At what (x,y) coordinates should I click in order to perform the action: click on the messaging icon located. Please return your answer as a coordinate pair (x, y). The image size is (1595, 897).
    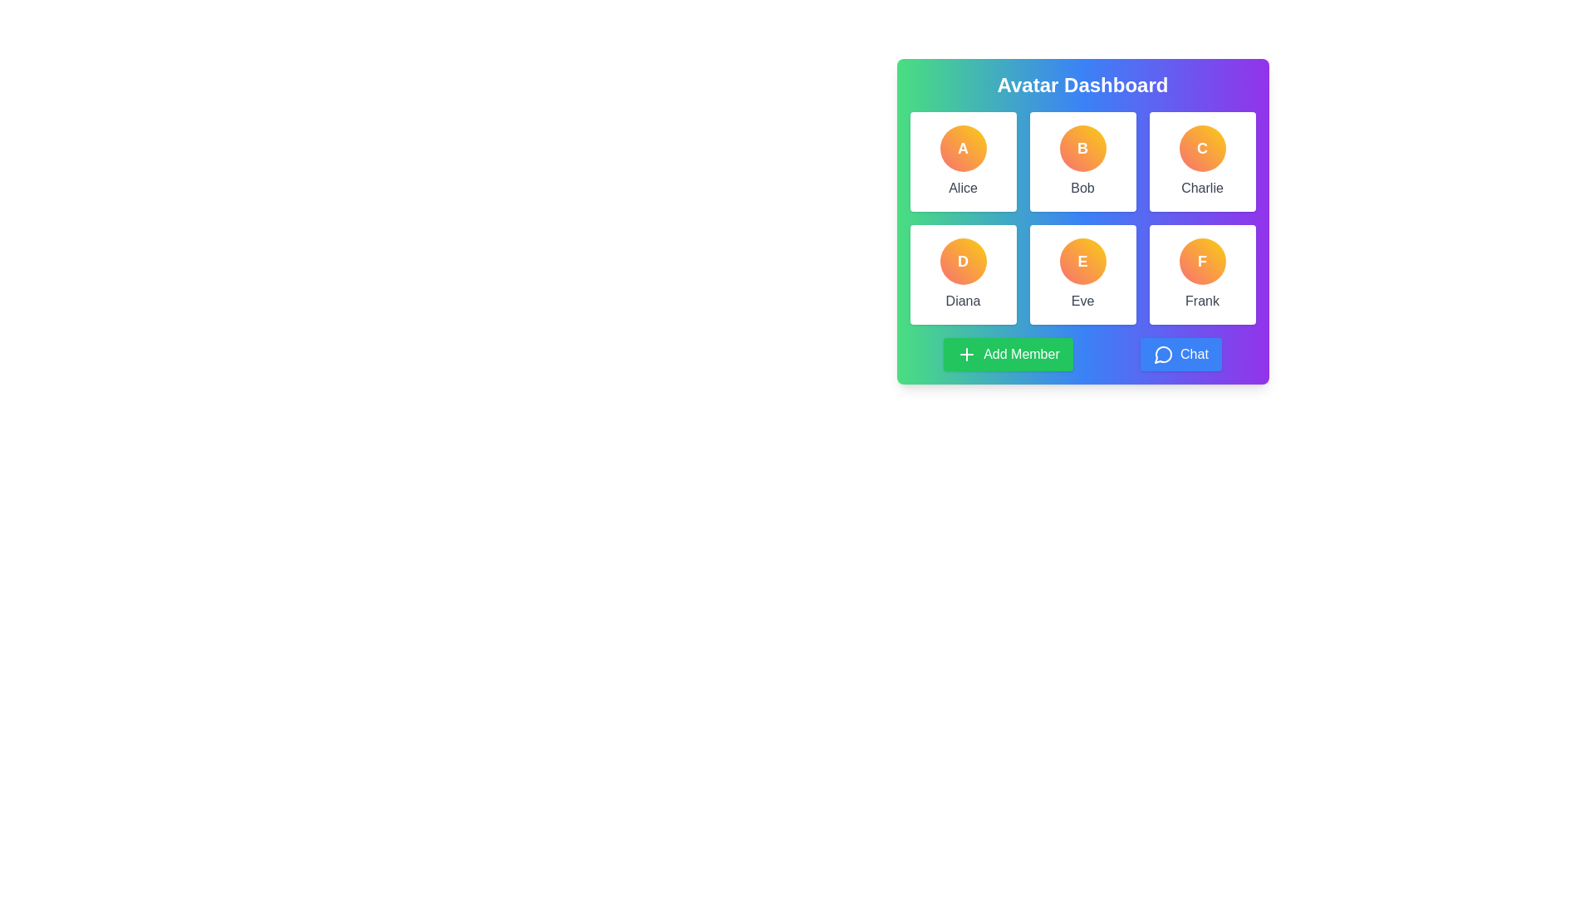
    Looking at the image, I should click on (1163, 354).